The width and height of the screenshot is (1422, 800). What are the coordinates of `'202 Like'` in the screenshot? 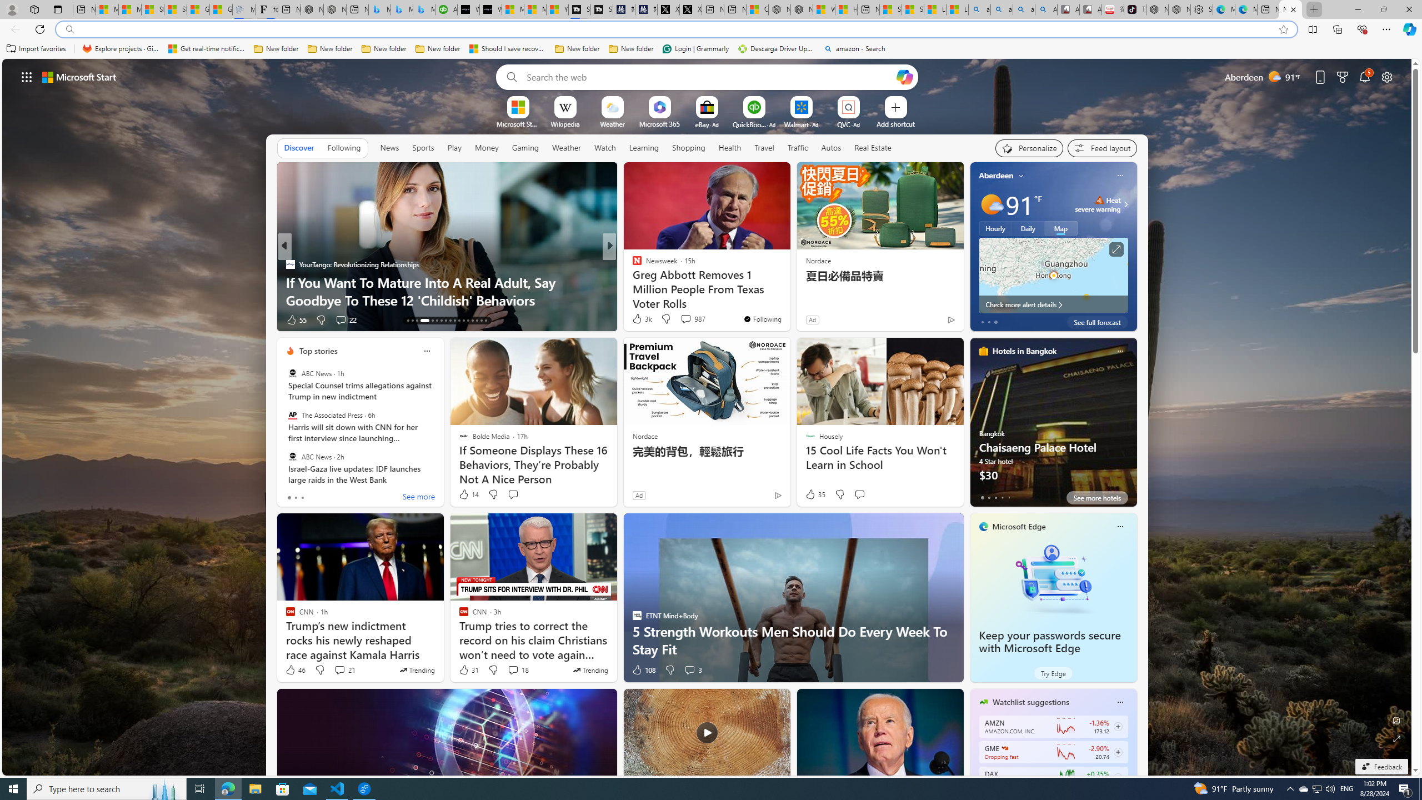 It's located at (639, 319).